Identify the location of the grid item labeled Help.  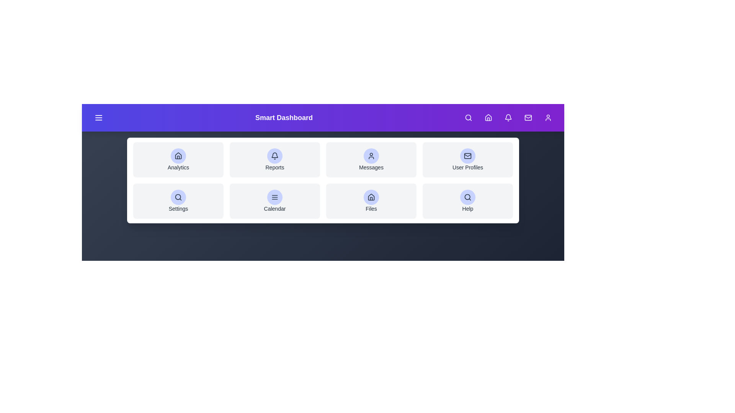
(467, 200).